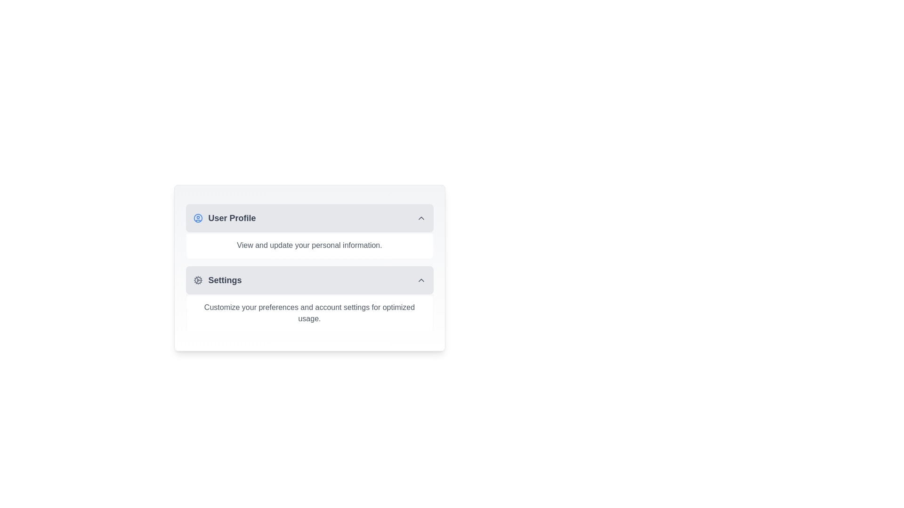 Image resolution: width=904 pixels, height=508 pixels. I want to click on descriptive text label located below the 'User Profile' section to understand the context, so click(309, 245).